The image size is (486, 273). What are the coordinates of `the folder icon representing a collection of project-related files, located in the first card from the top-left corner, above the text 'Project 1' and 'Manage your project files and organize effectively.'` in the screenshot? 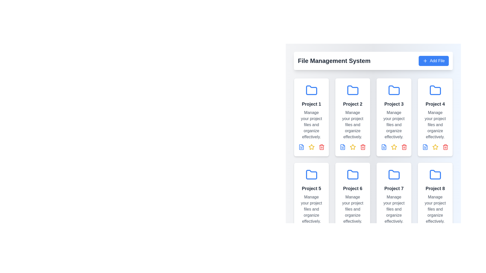 It's located at (311, 90).